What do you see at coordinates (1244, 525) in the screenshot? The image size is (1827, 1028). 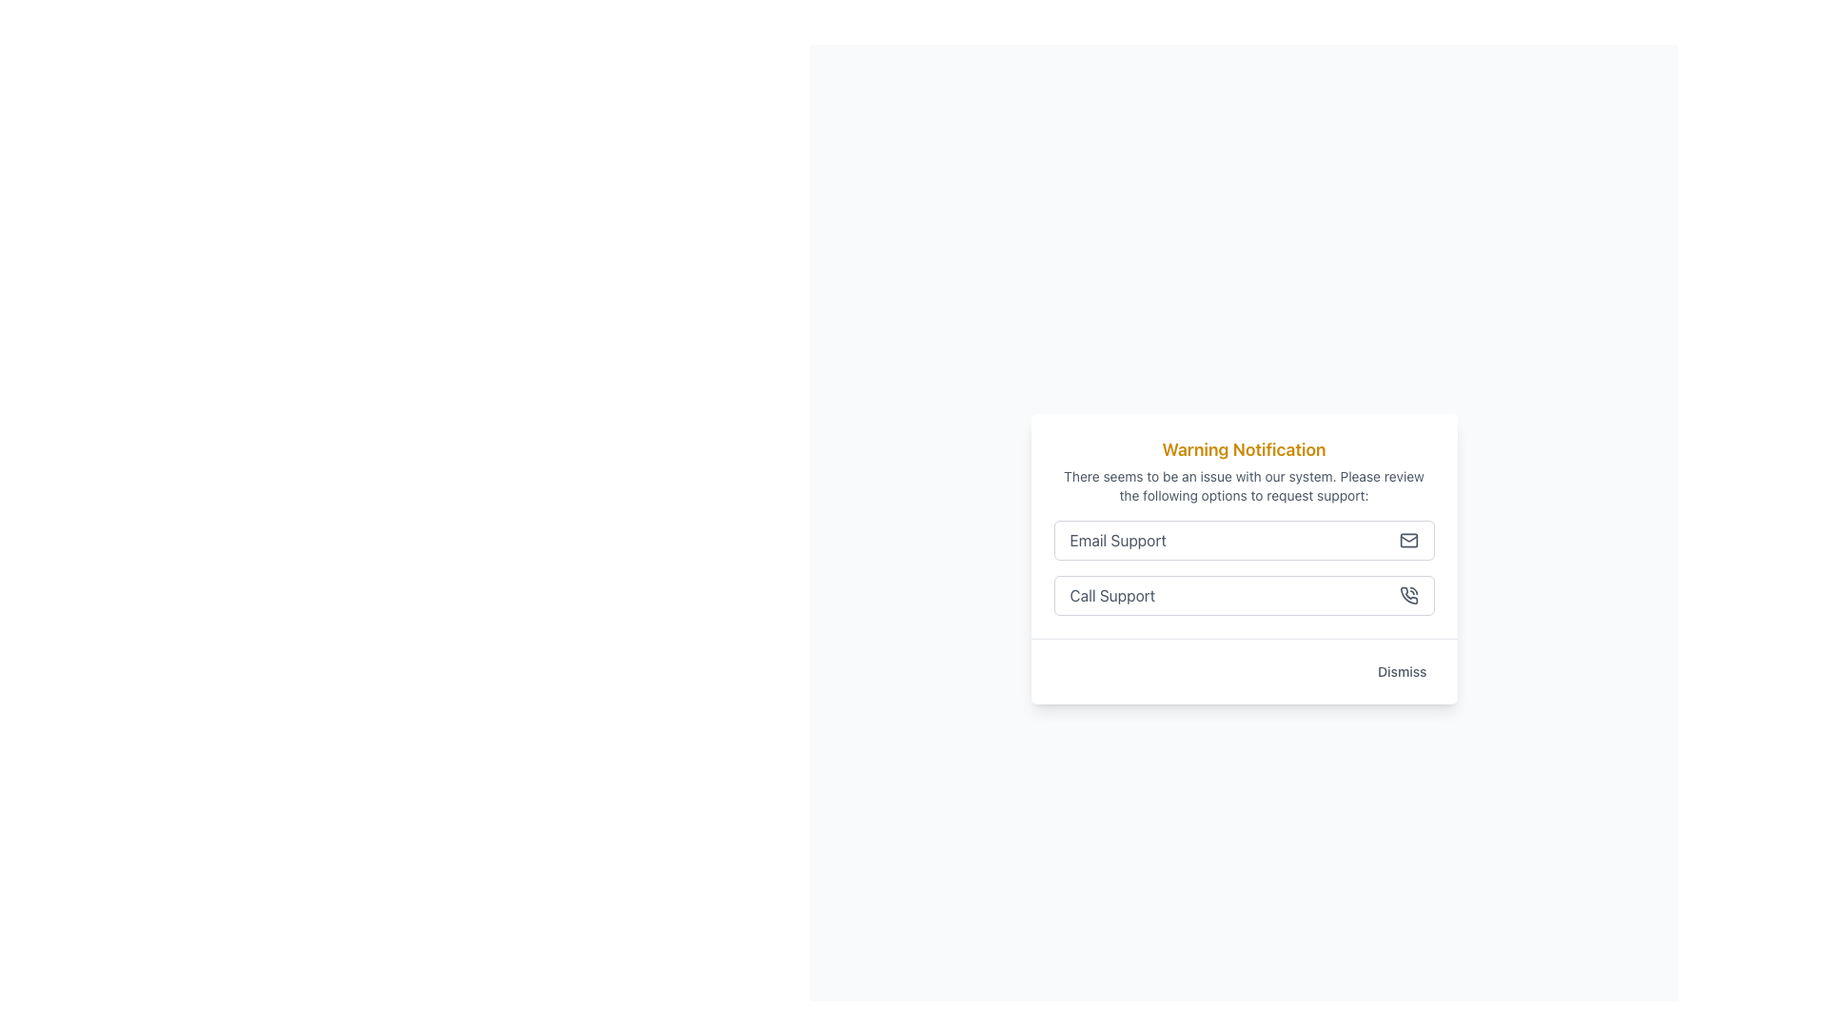 I see `the support options in the Notification Pane titled 'Warning Notification', which is located in the centered pop-up notification panel` at bounding box center [1244, 525].